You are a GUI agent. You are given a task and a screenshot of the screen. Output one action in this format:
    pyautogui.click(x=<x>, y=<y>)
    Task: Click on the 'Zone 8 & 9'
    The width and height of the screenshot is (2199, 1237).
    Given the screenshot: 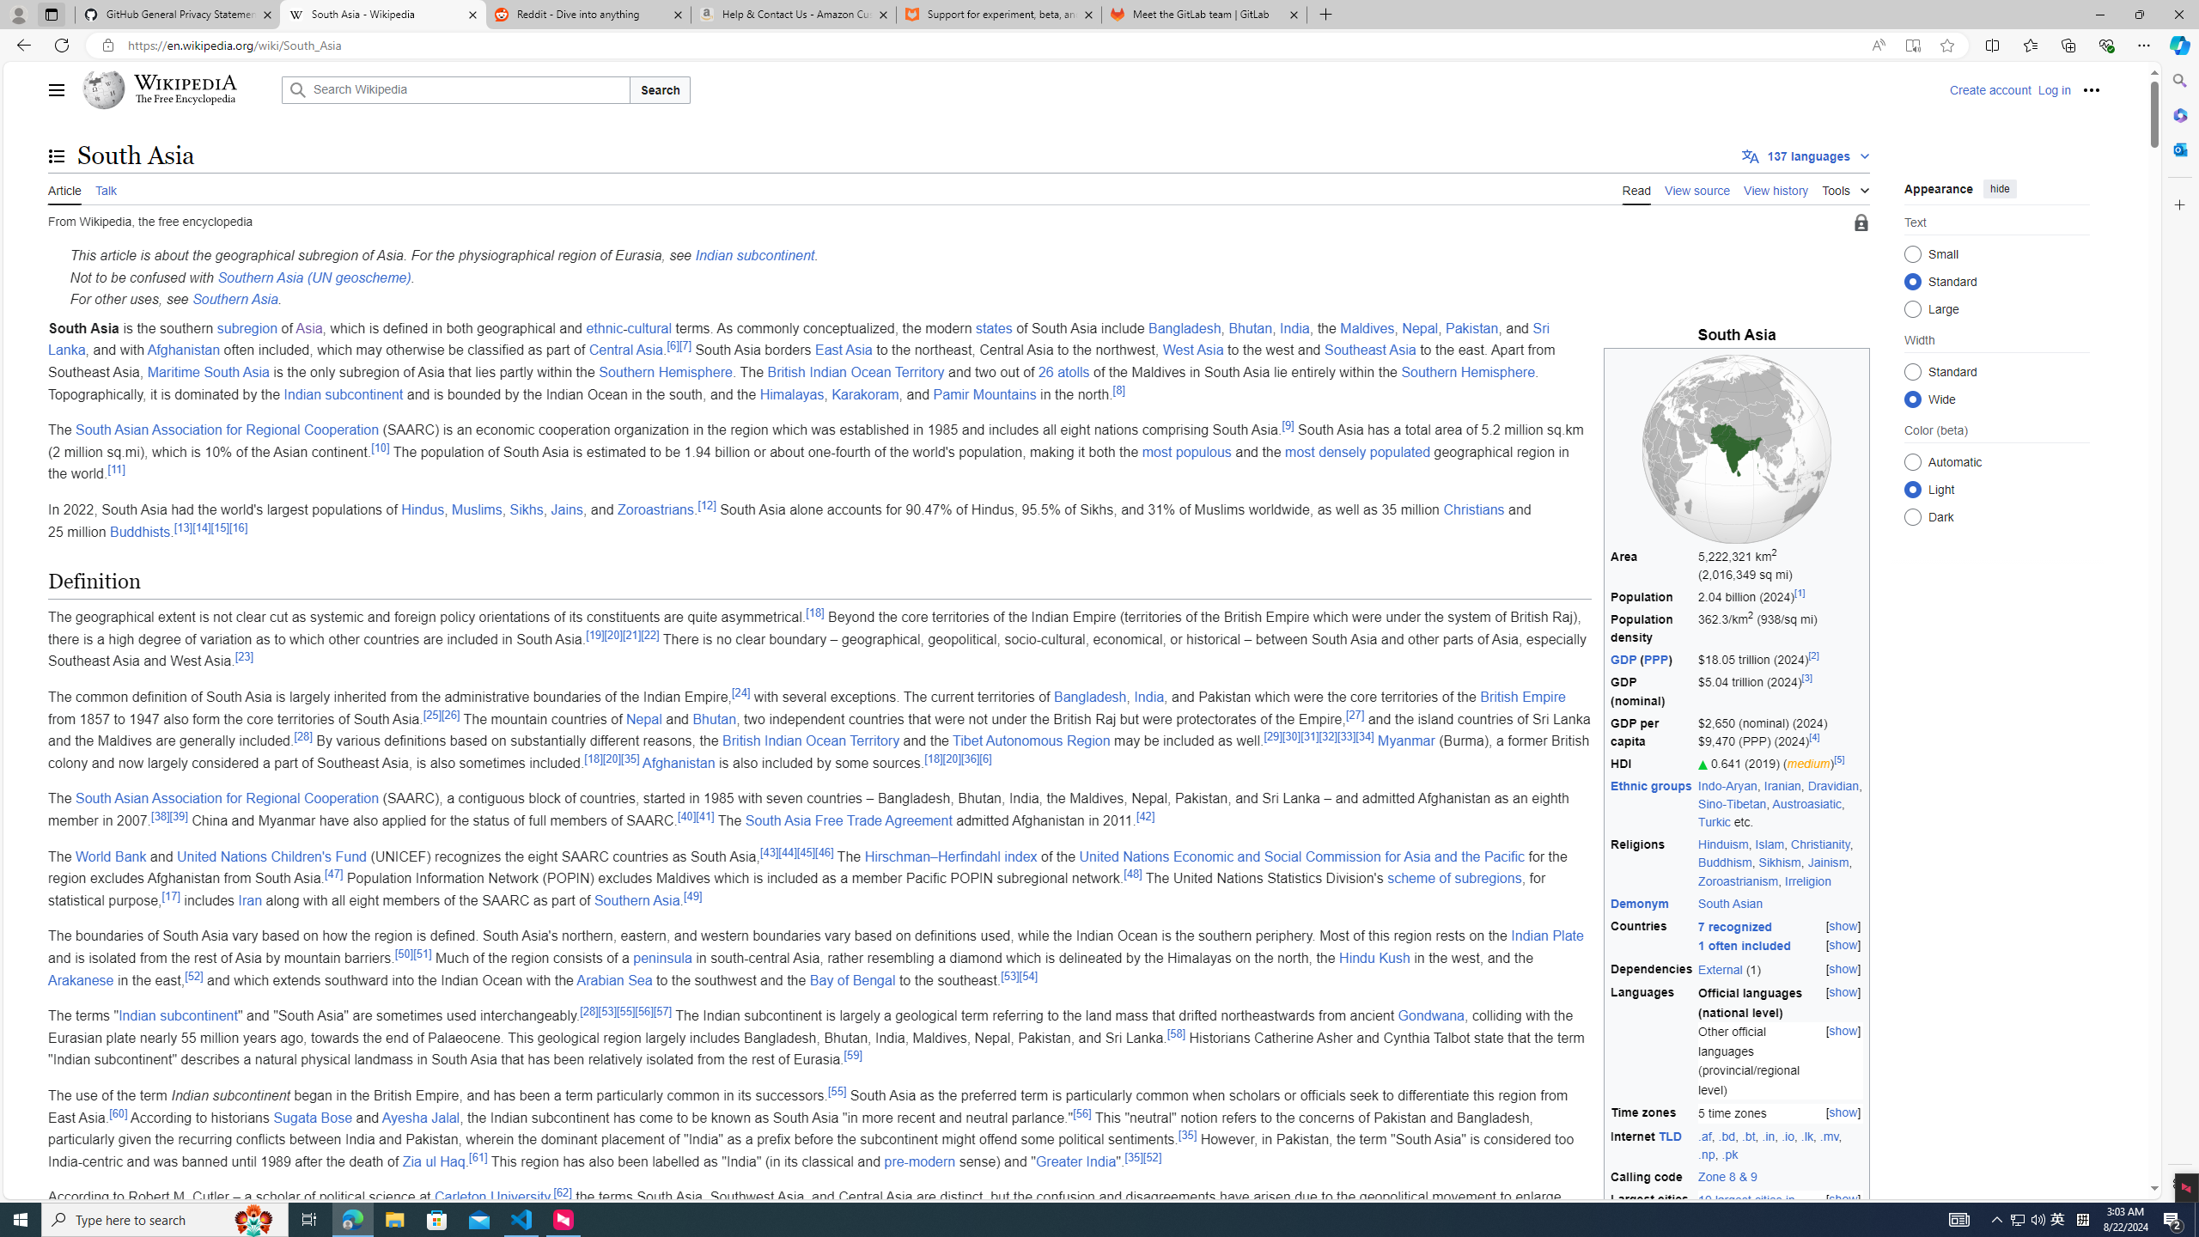 What is the action you would take?
    pyautogui.click(x=1726, y=1177)
    